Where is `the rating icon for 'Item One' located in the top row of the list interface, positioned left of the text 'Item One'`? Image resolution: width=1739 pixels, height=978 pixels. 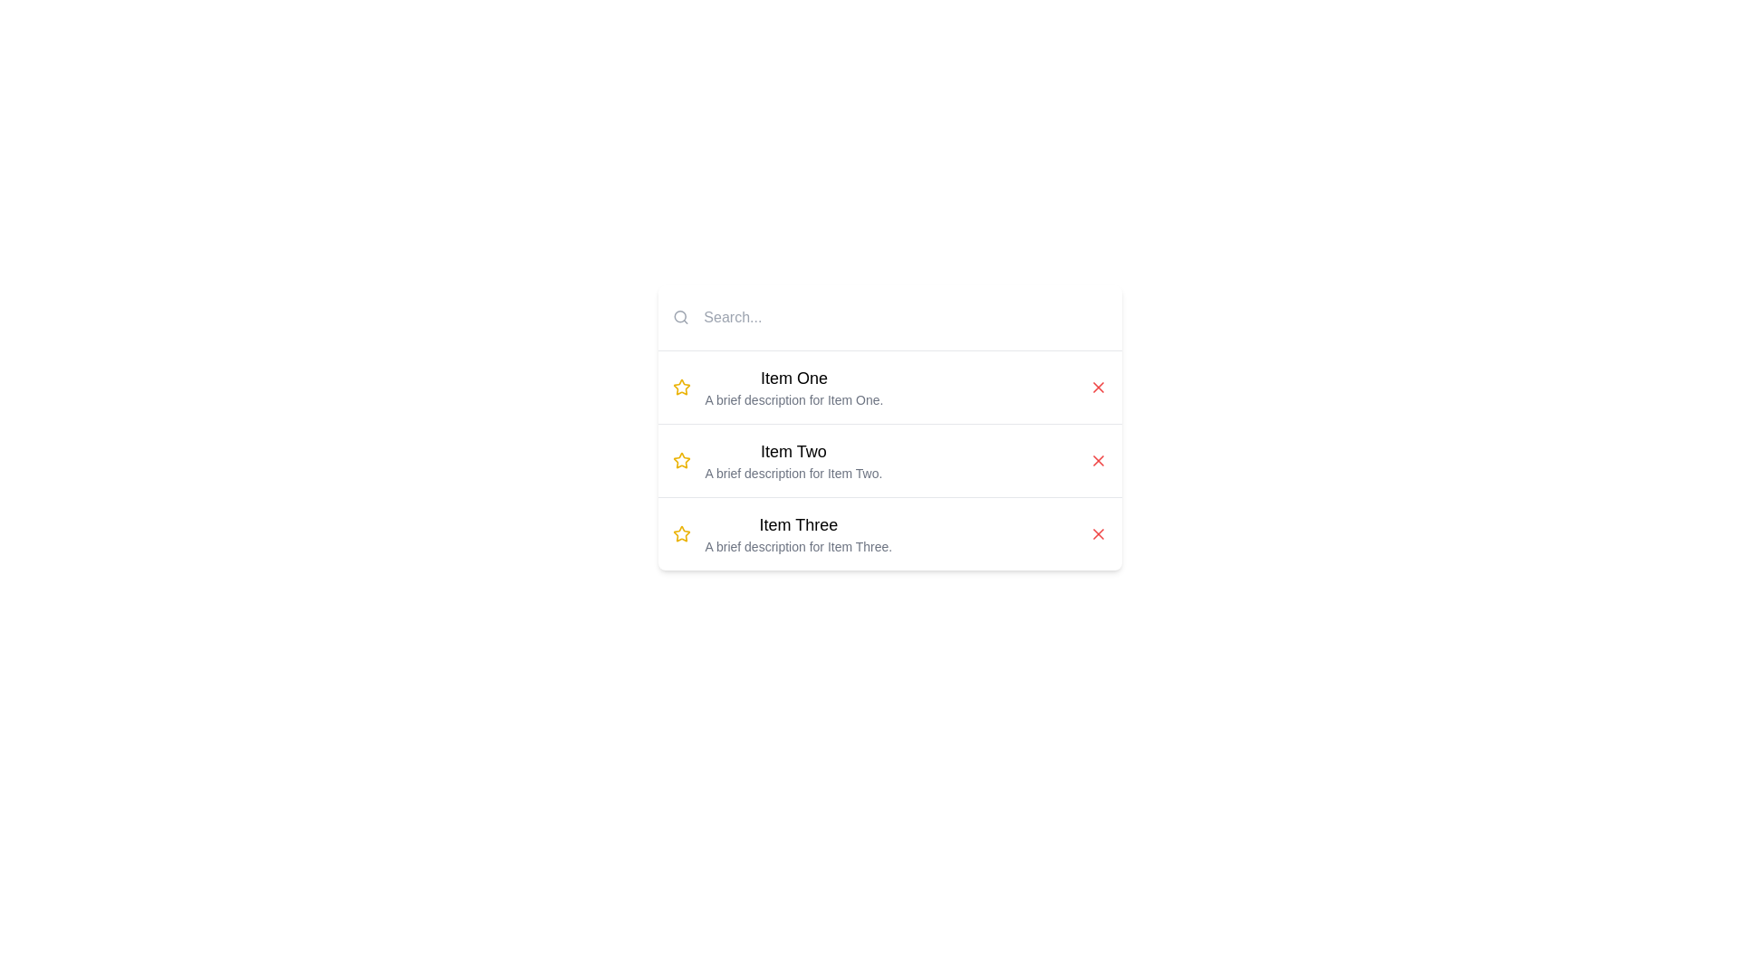
the rating icon for 'Item One' located in the top row of the list interface, positioned left of the text 'Item One' is located at coordinates (680, 387).